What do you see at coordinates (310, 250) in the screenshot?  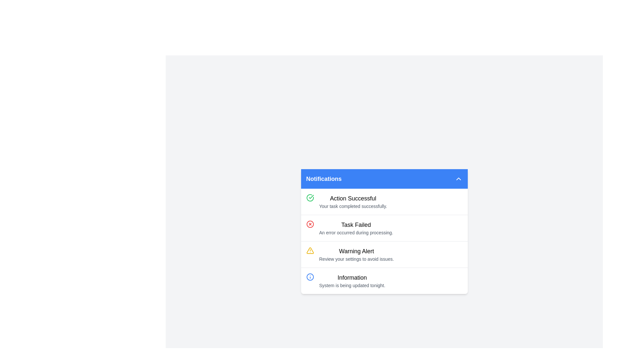 I see `the triangular yellow warning icon with an exclamation mark located in the third row of the notification list under the blue 'Notifications' header` at bounding box center [310, 250].